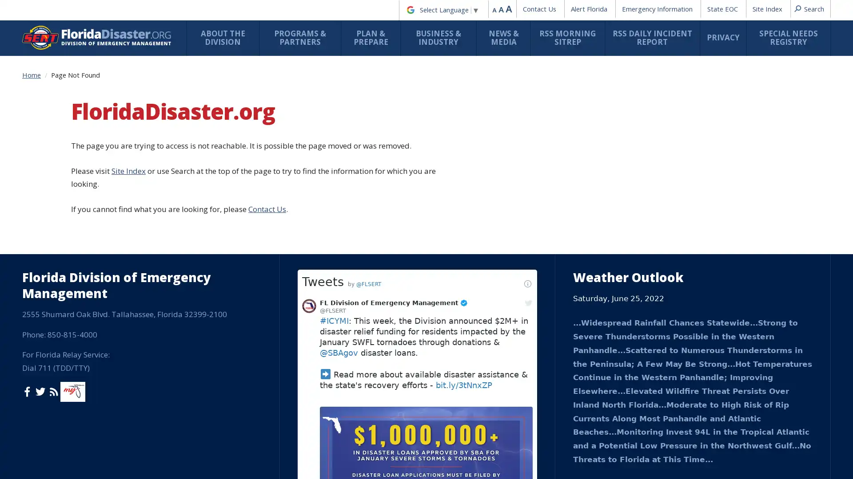 The height and width of the screenshot is (479, 853). What do you see at coordinates (267, 67) in the screenshot?
I see `Toggle More` at bounding box center [267, 67].